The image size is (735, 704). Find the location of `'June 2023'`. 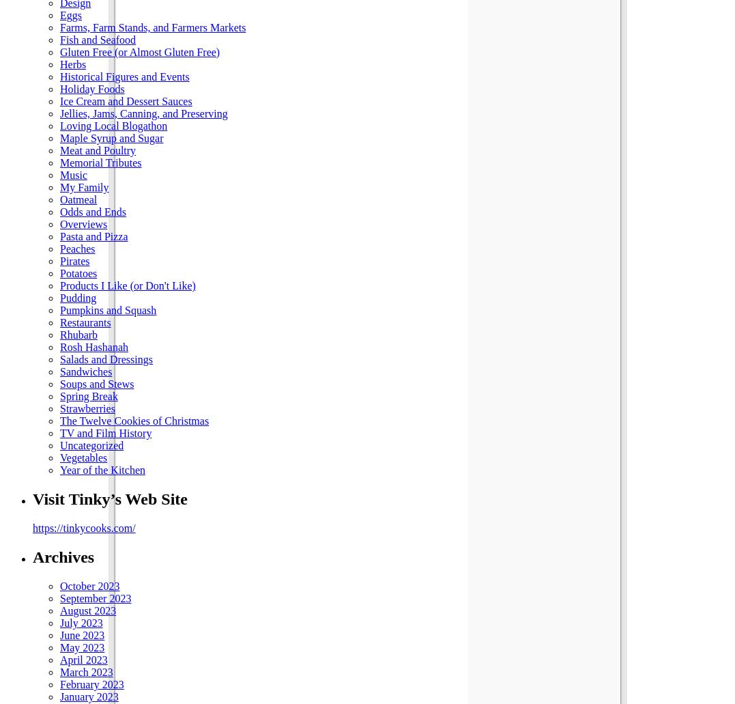

'June 2023' is located at coordinates (81, 634).